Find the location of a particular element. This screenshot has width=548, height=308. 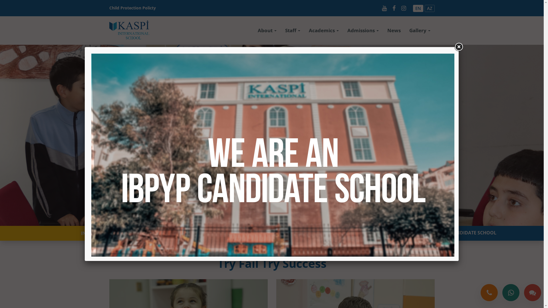

'APPLY NOW' is located at coordinates (181, 233).